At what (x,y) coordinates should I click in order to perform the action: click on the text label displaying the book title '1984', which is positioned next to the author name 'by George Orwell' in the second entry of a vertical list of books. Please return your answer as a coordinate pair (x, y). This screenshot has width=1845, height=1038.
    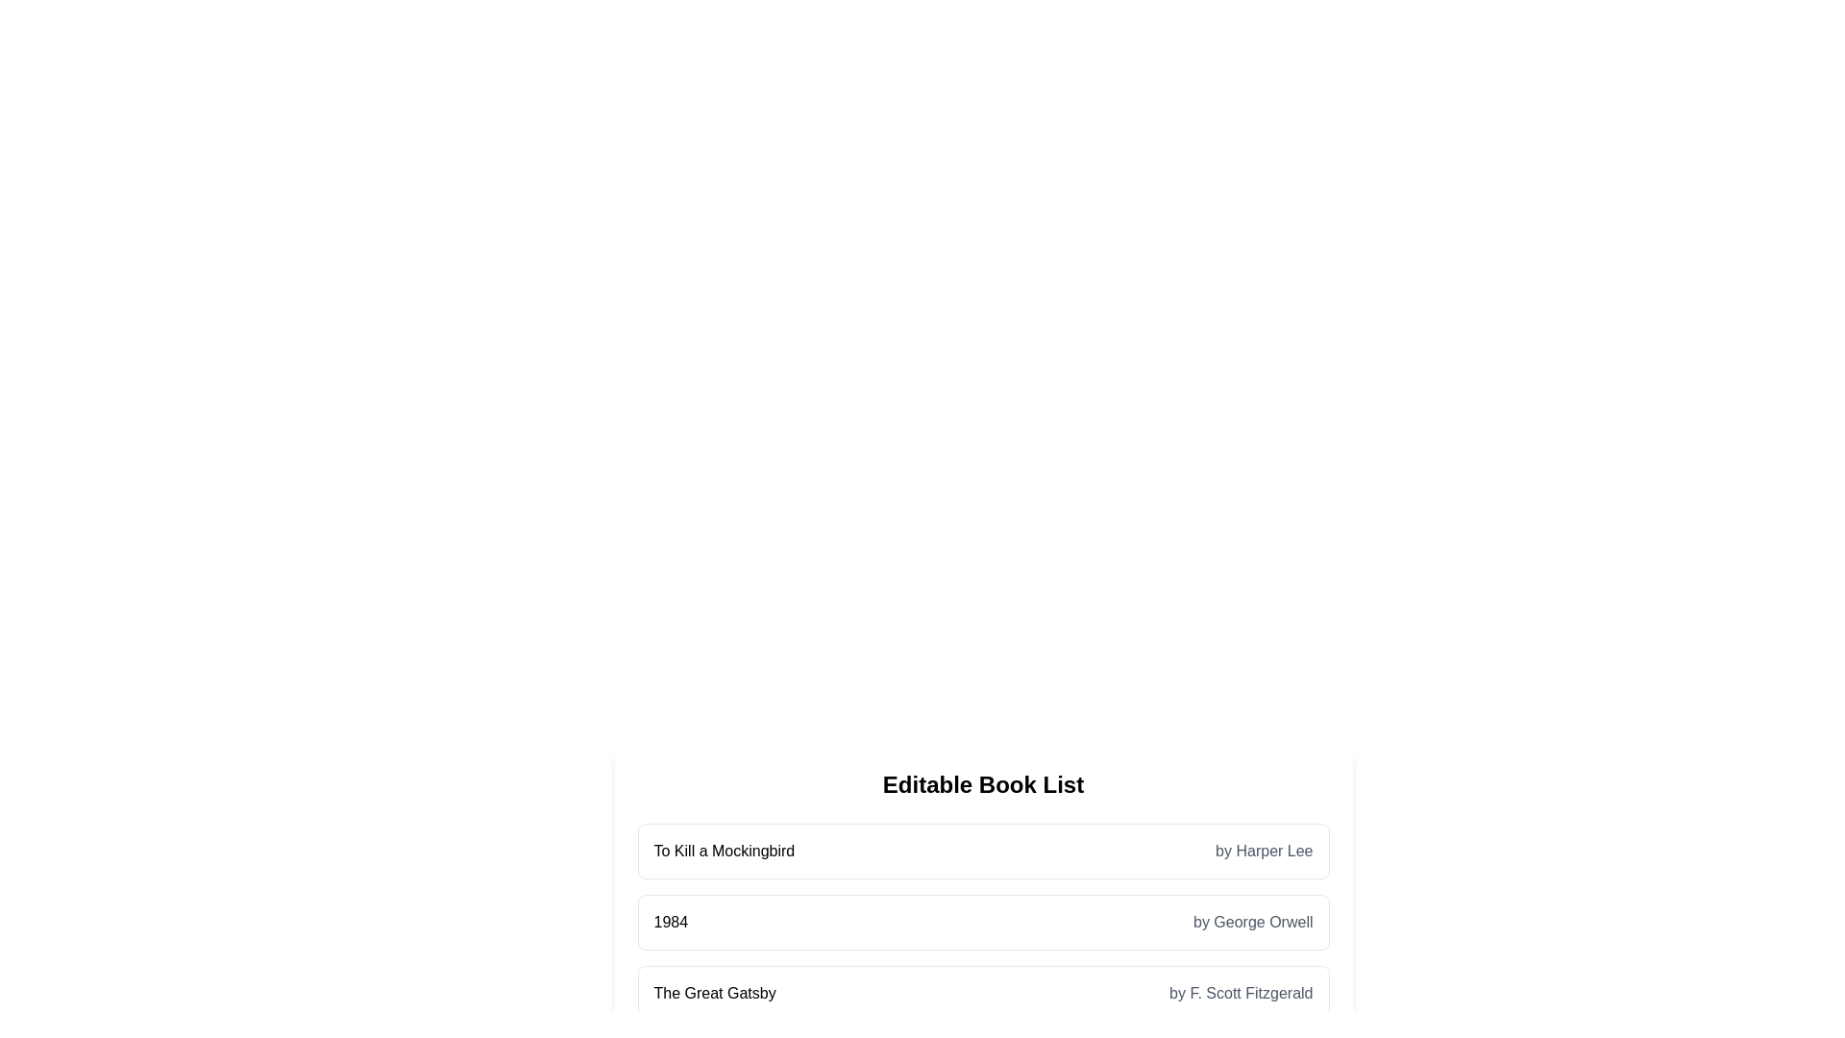
    Looking at the image, I should click on (671, 922).